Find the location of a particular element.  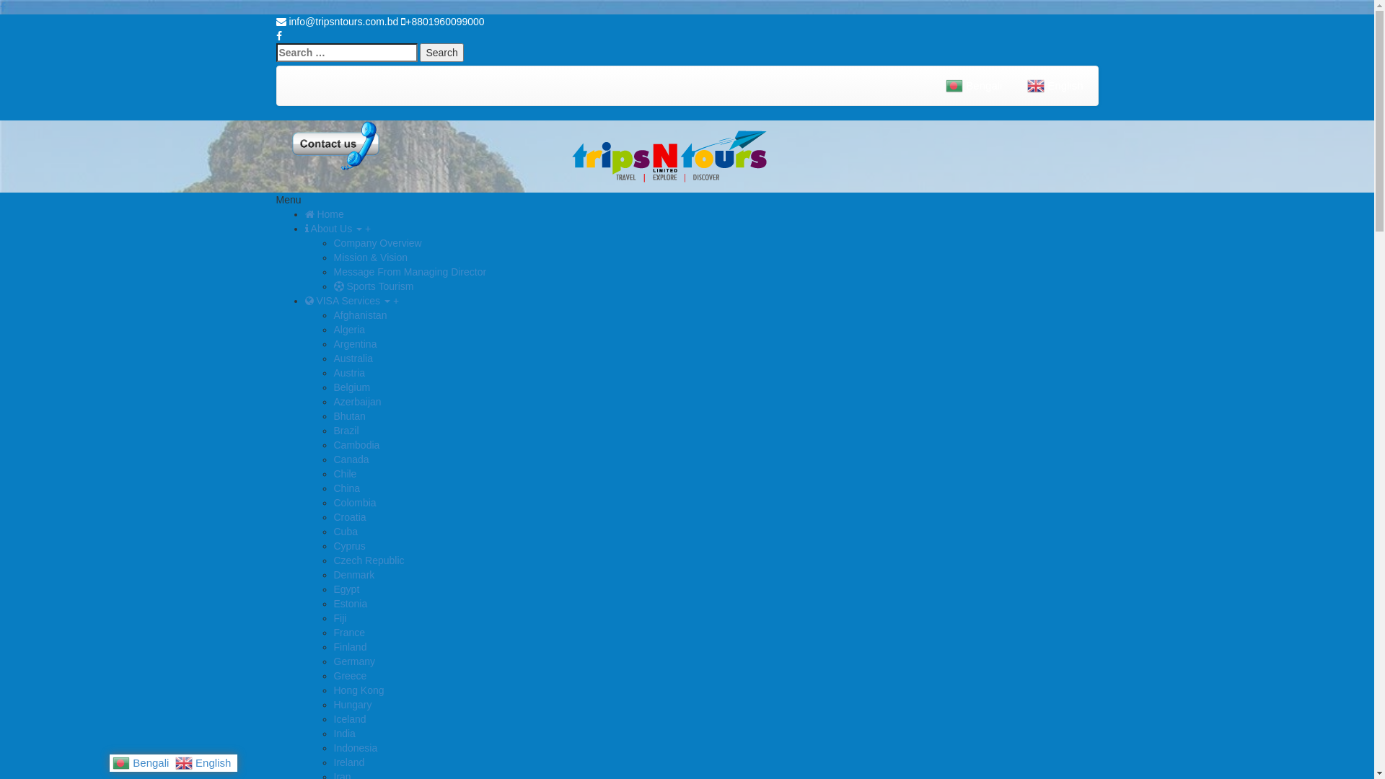

'Canada' is located at coordinates (351, 459).